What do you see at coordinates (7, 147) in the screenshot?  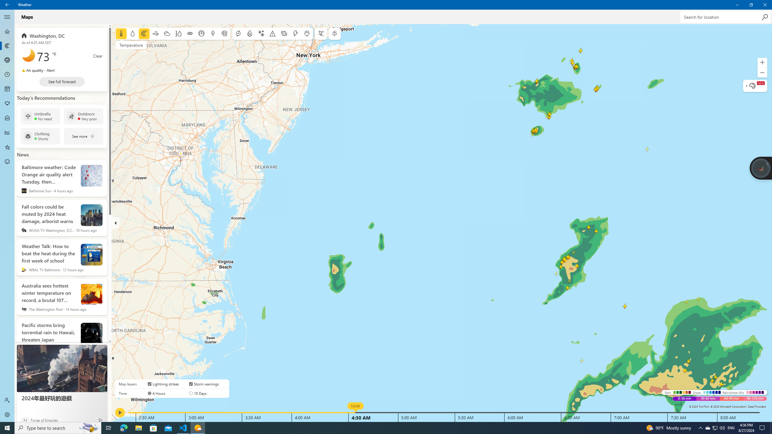 I see `'Favorites - Not Selected'` at bounding box center [7, 147].